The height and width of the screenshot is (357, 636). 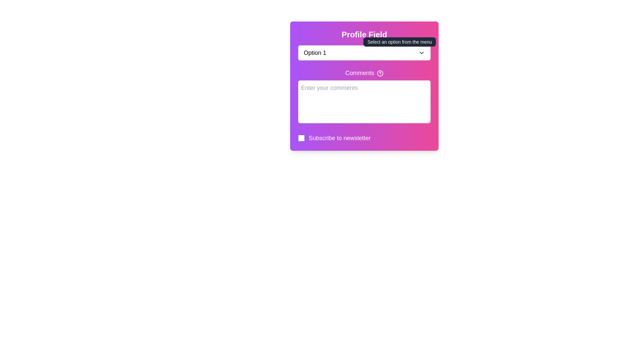 What do you see at coordinates (301, 138) in the screenshot?
I see `the checkbox` at bounding box center [301, 138].